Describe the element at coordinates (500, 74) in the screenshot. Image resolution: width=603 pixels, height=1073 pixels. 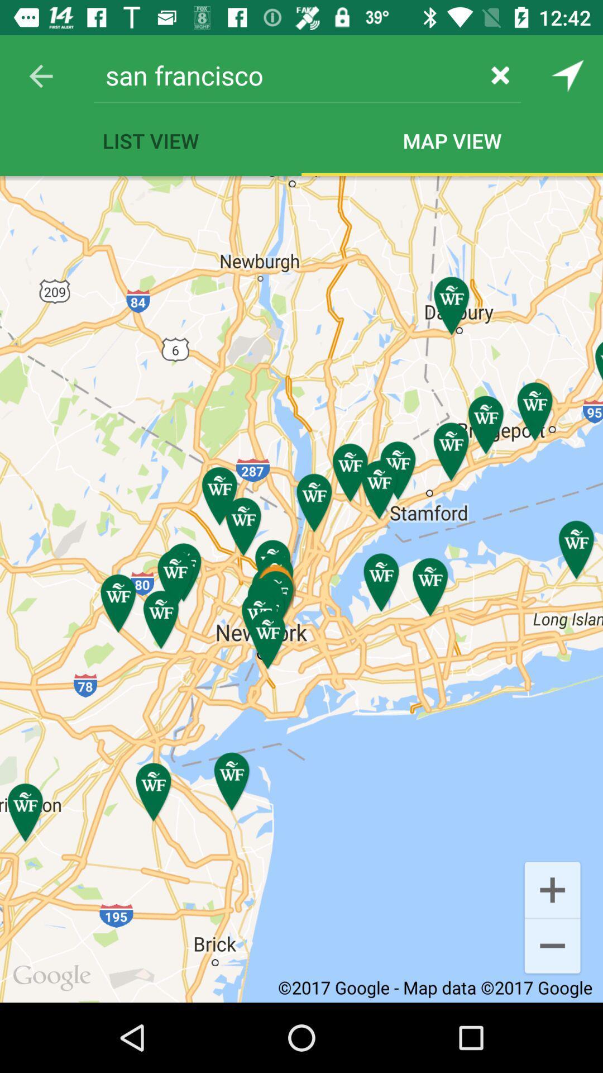
I see `item above map view` at that location.